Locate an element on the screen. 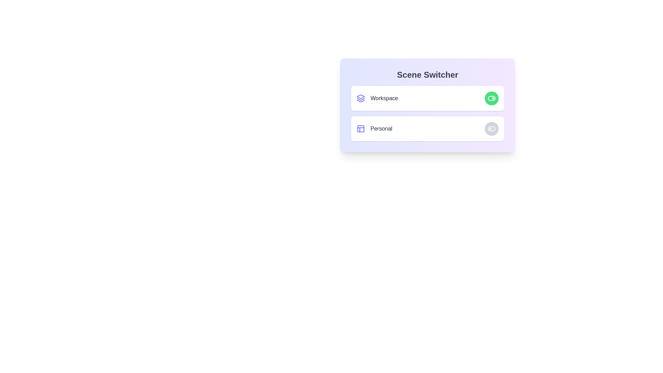 Image resolution: width=663 pixels, height=373 pixels. the green circular toggle button with a white eye icon located to the right of the 'Workspace' label is located at coordinates (491, 98).